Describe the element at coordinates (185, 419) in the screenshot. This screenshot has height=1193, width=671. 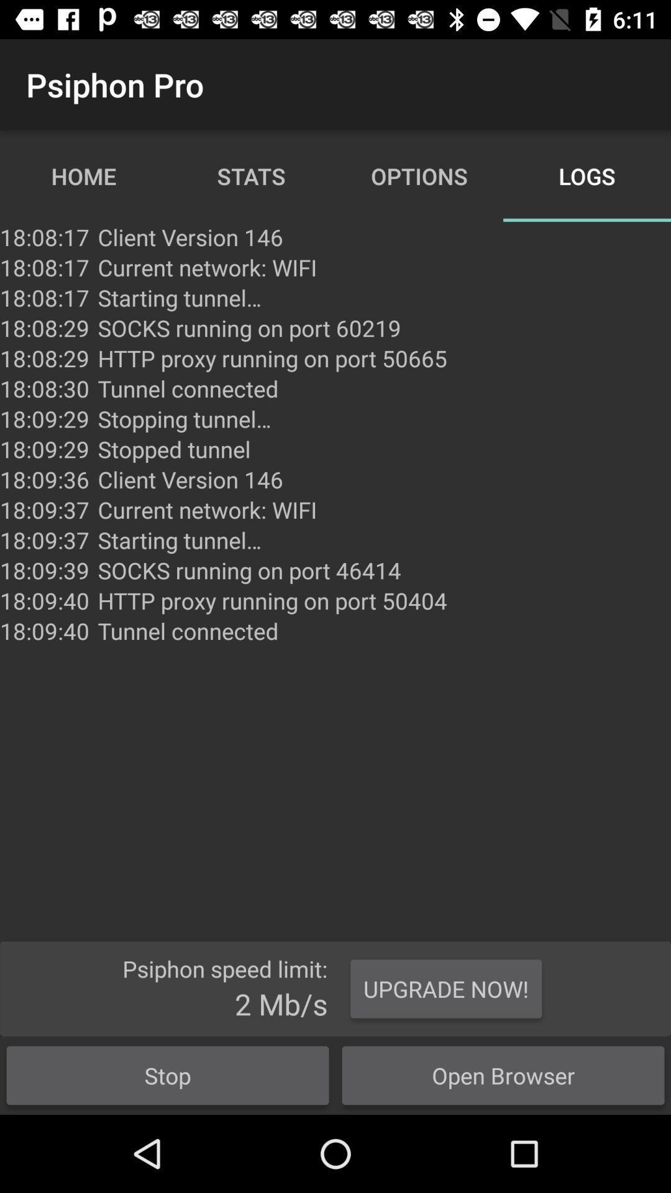
I see `icon above the stopped tunnel` at that location.